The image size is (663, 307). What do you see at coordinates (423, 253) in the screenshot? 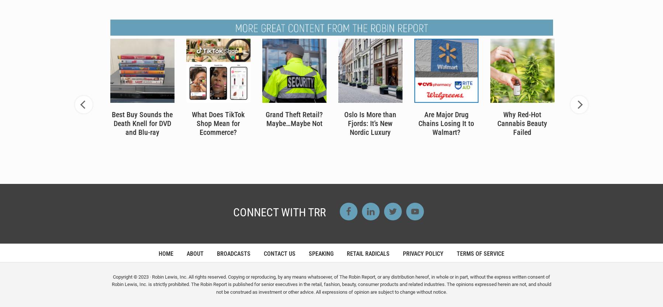
I see `'Privacy Policy'` at bounding box center [423, 253].